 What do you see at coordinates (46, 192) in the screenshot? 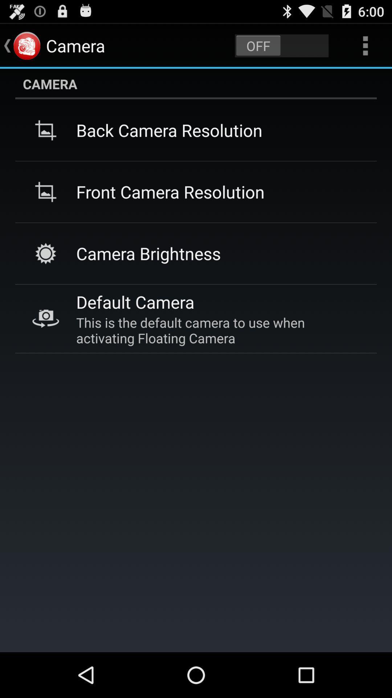
I see `the icon of front camera resolution which is one the left hand side` at bounding box center [46, 192].